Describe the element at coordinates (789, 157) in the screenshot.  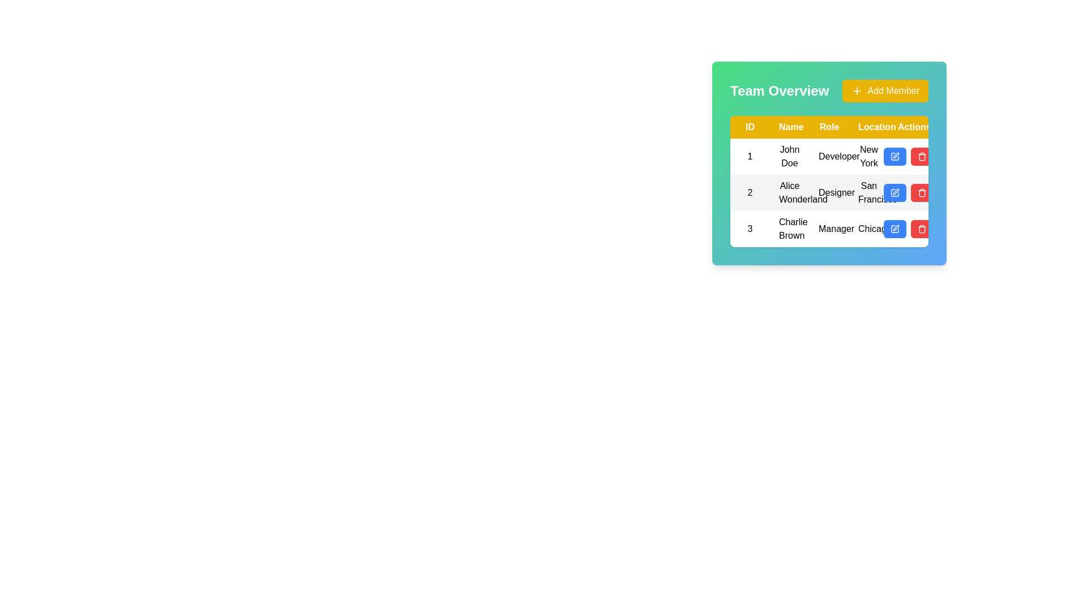
I see `the text field displaying the name 'John Doe' located in the second column of the first row of the table under 'Team Overview'` at that location.